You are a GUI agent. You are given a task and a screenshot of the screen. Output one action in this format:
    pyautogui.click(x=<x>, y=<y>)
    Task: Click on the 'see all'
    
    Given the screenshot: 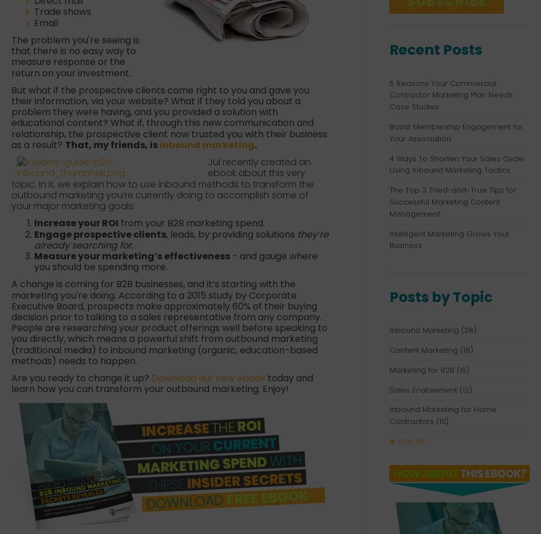 What is the action you would take?
    pyautogui.click(x=411, y=441)
    